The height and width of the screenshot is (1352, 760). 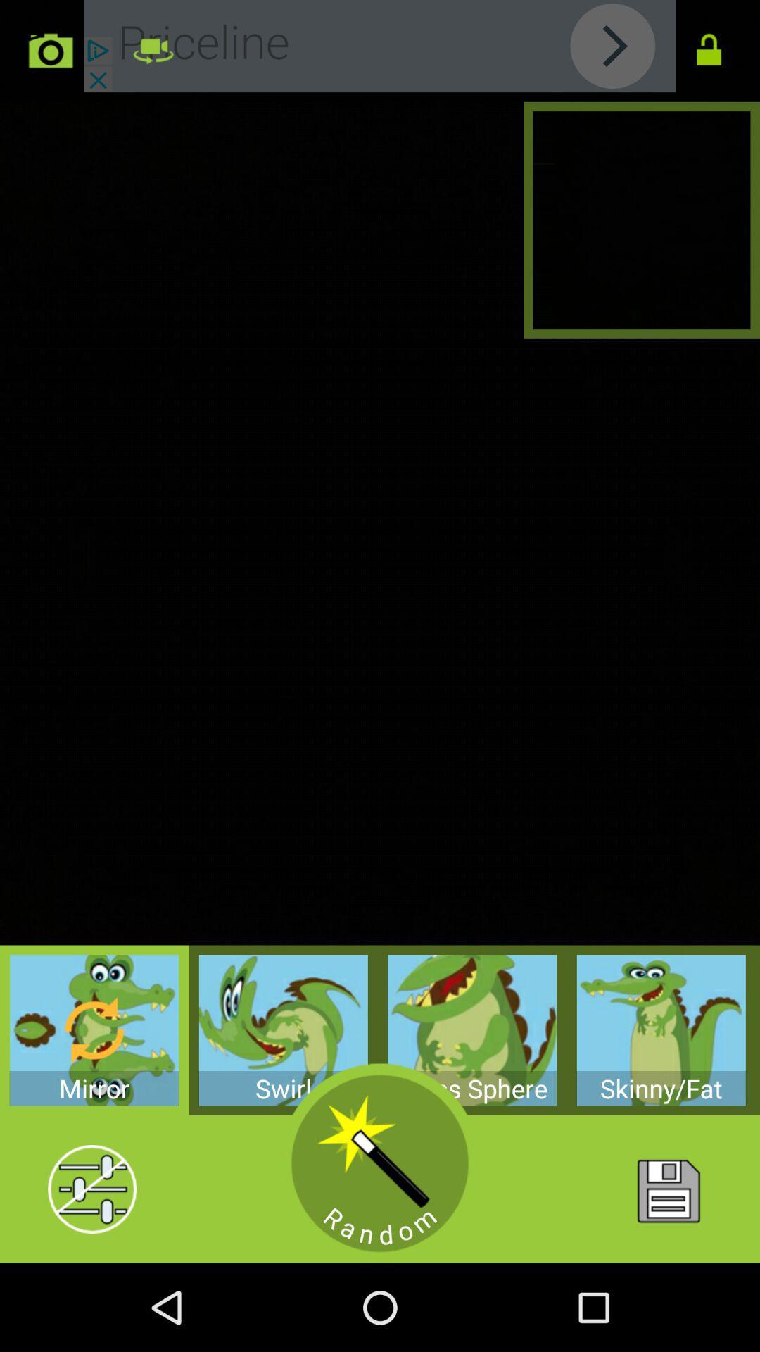 I want to click on edit sliders, so click(x=92, y=1189).